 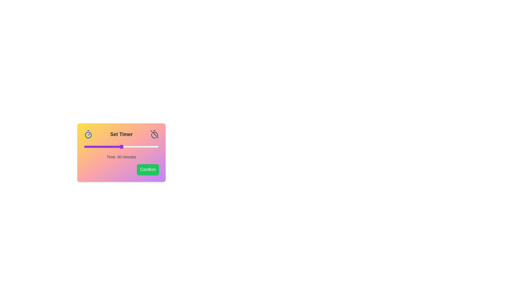 I want to click on the slider to set the timer to 39 minutes, so click(x=132, y=147).